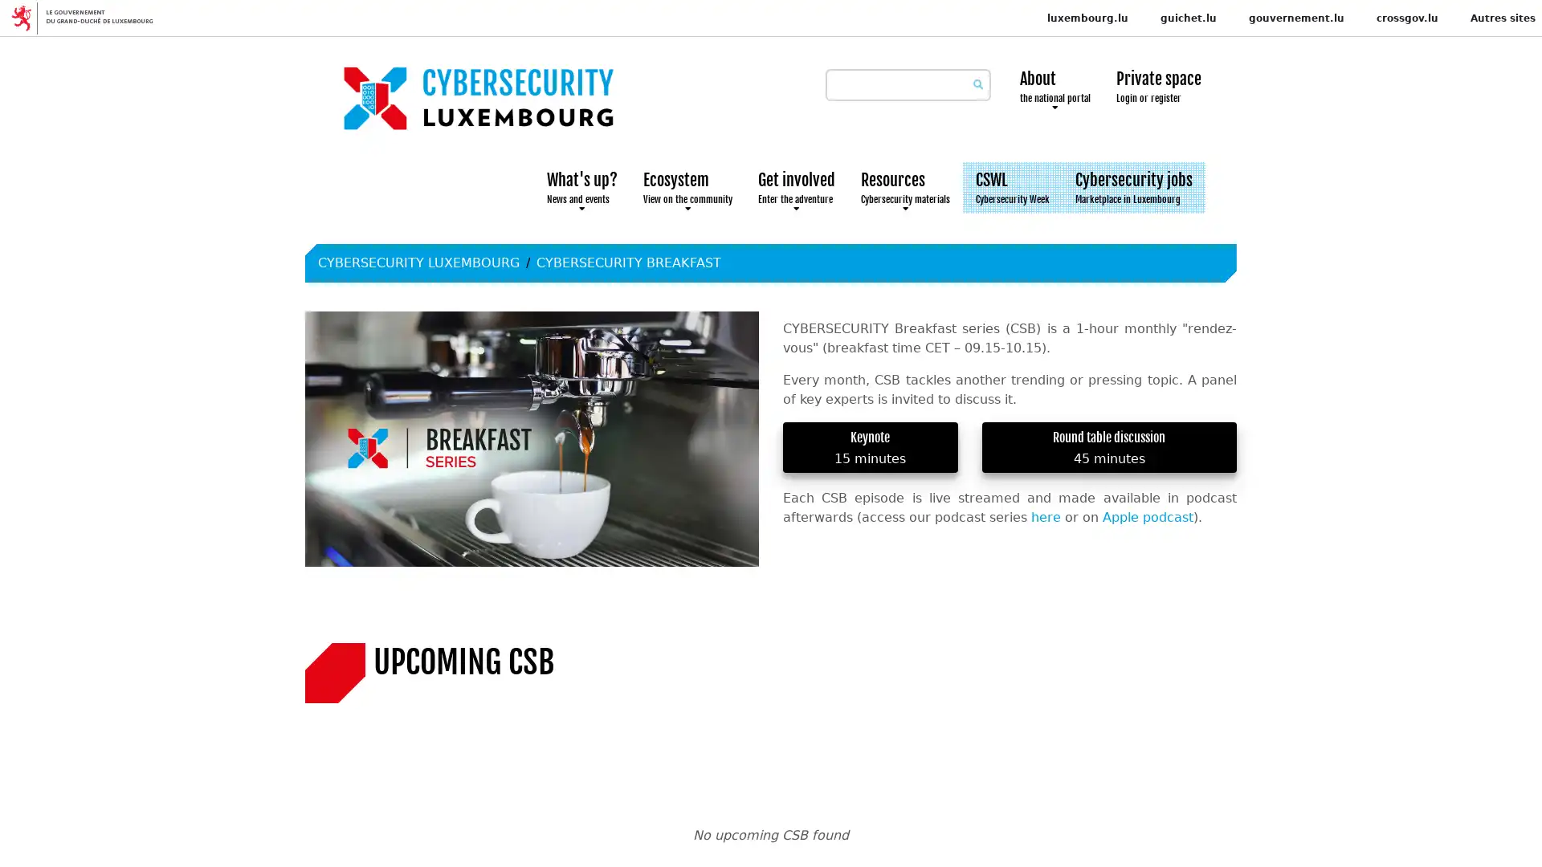 This screenshot has width=1542, height=867. I want to click on CSWL Cybersecurity Week, so click(1012, 187).